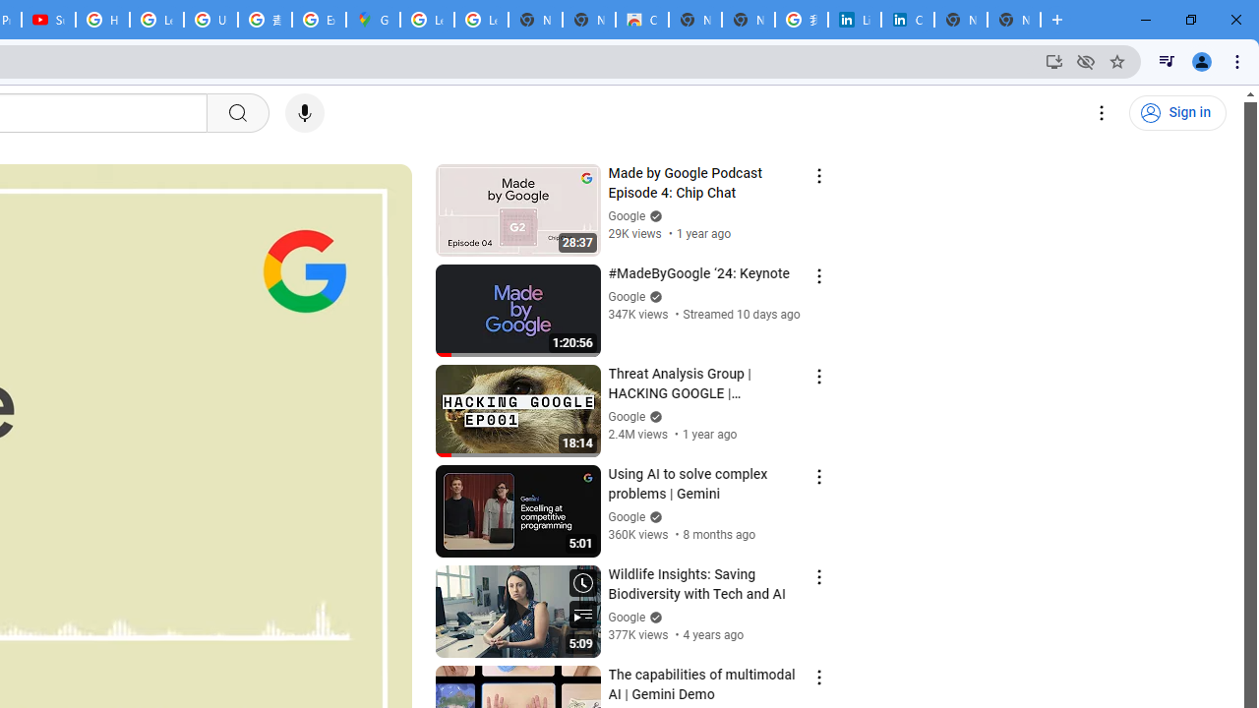 The height and width of the screenshot is (708, 1259). Describe the element at coordinates (1014, 20) in the screenshot. I see `'New Tab'` at that location.